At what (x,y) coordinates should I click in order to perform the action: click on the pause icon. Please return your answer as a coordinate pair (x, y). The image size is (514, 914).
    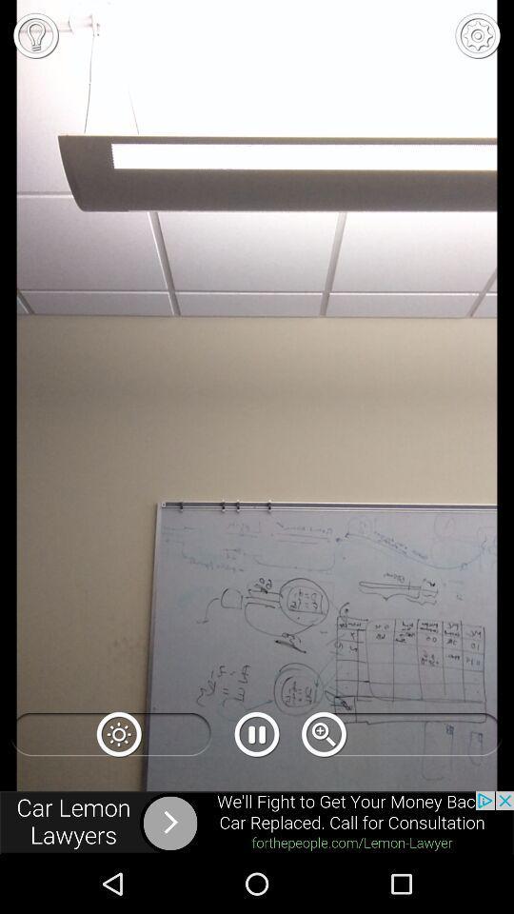
    Looking at the image, I should click on (257, 733).